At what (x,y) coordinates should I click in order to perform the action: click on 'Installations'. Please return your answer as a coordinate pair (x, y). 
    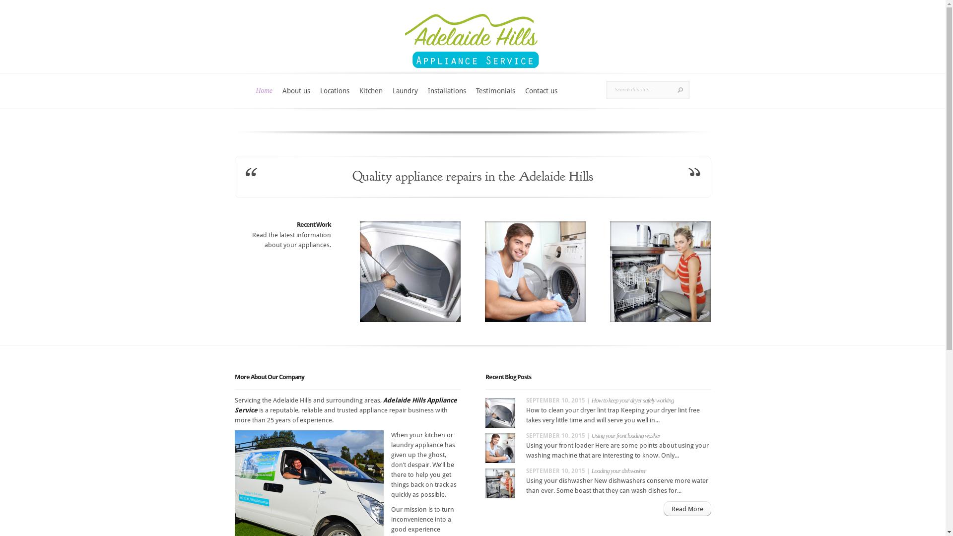
    Looking at the image, I should click on (446, 97).